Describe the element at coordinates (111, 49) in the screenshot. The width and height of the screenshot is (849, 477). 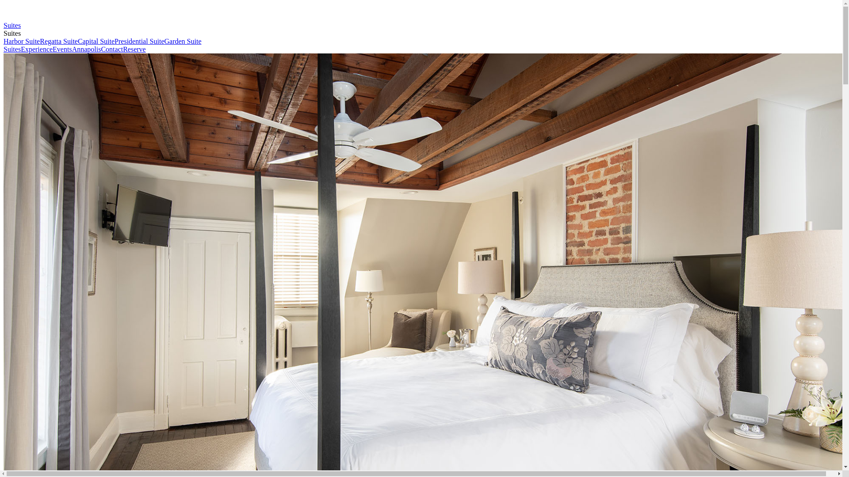
I see `'Contact'` at that location.